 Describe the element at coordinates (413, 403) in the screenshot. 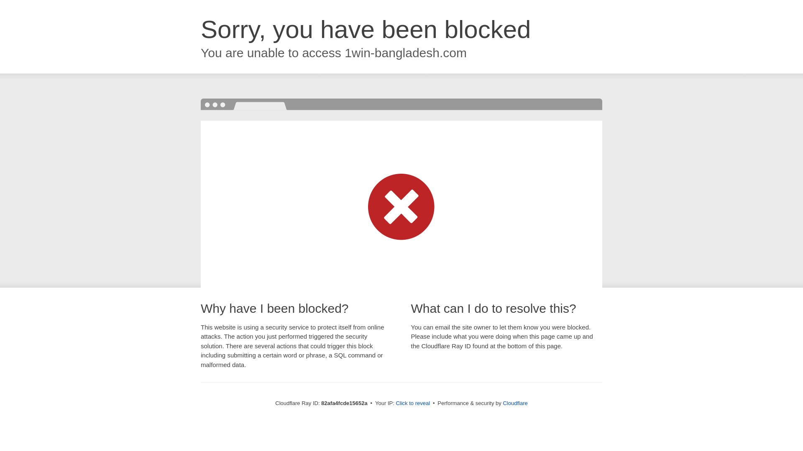

I see `'Click to reveal'` at that location.